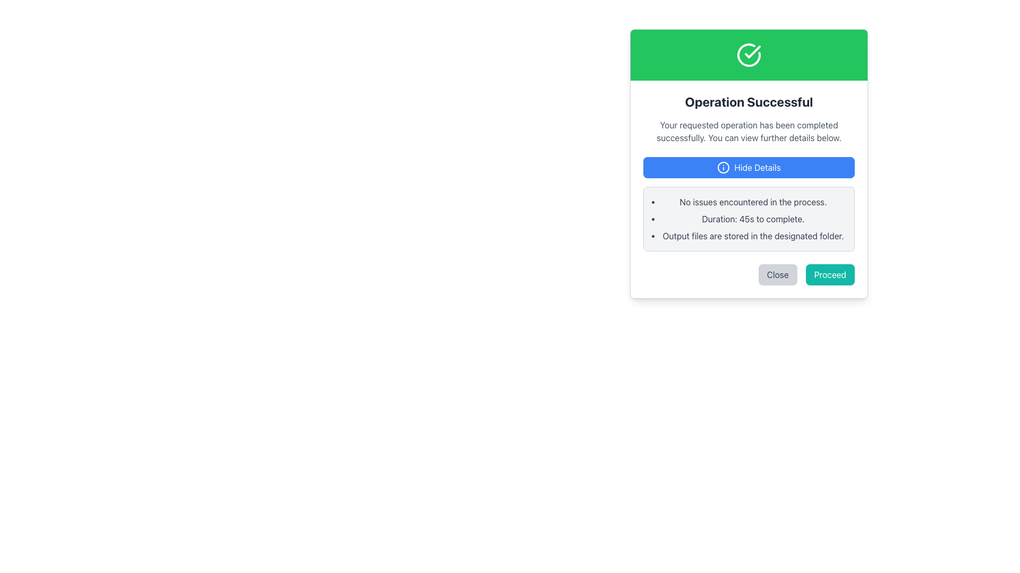 The height and width of the screenshot is (573, 1020). Describe the element at coordinates (749, 163) in the screenshot. I see `the button located below the success message header that toggles the visibility of the detailed information section` at that location.